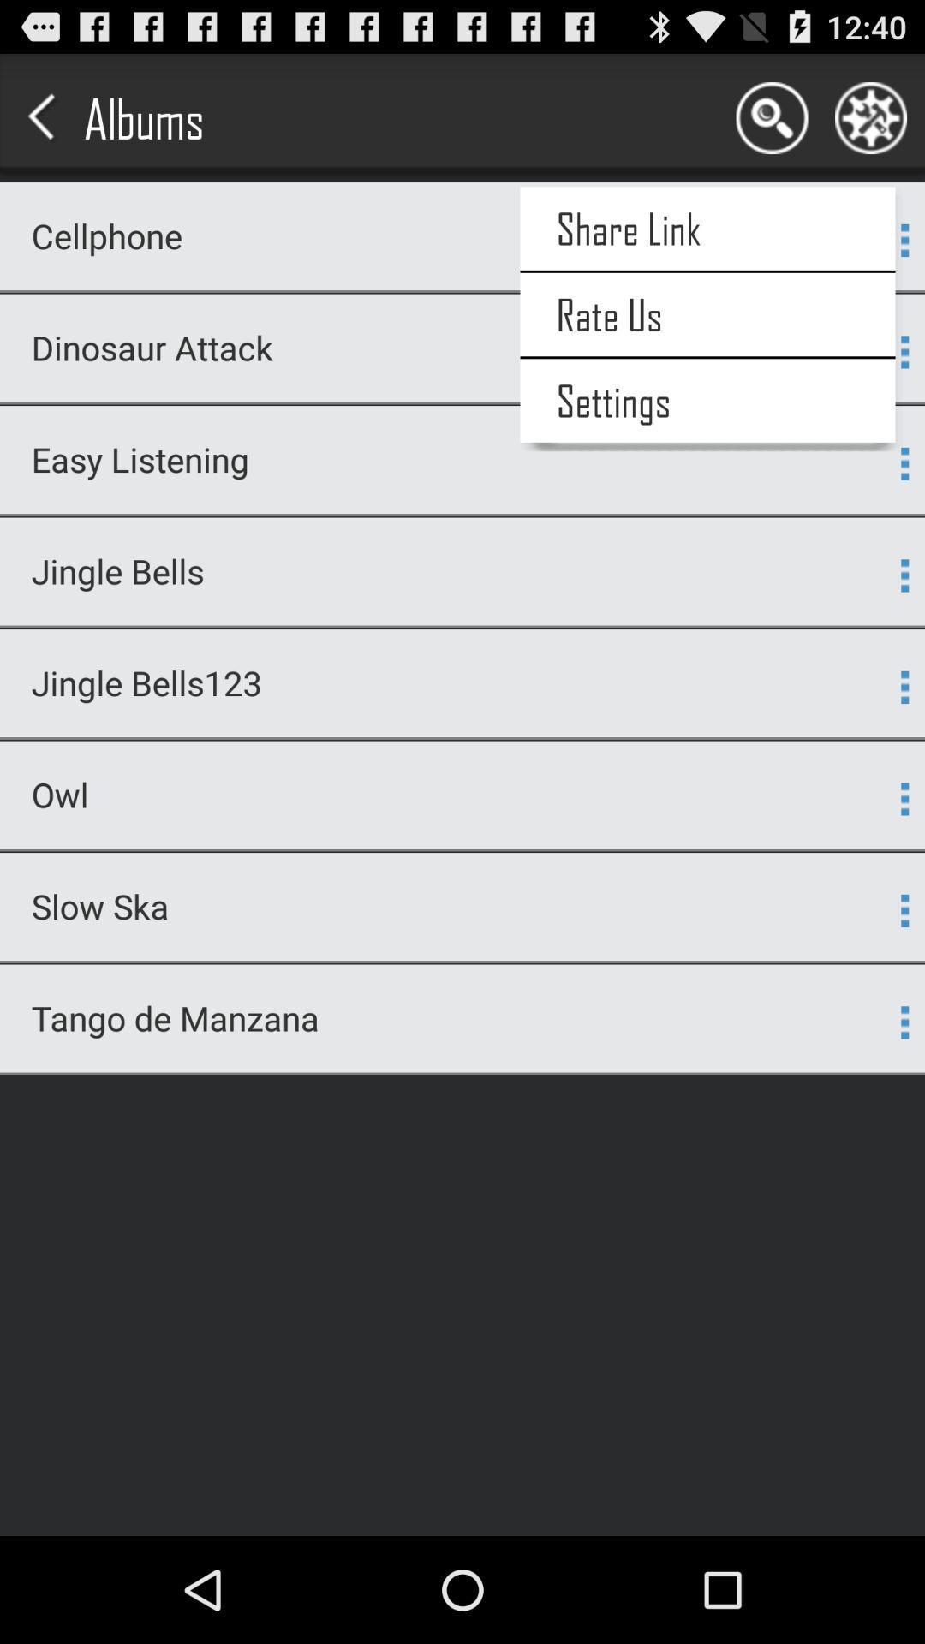 This screenshot has height=1644, width=925. Describe the element at coordinates (871, 125) in the screenshot. I see `the build icon` at that location.